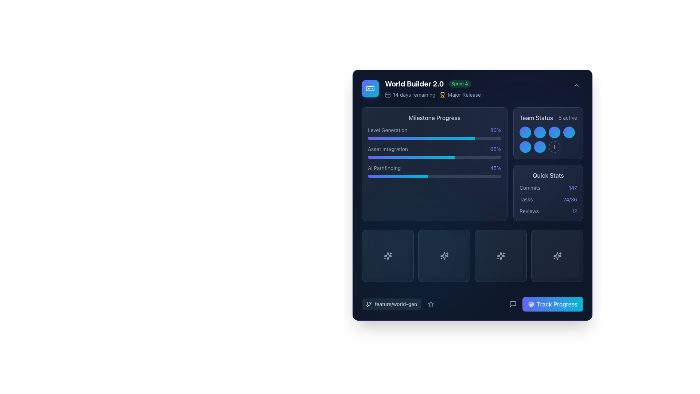 The width and height of the screenshot is (700, 394). I want to click on the informational label with icons located below the 'World Builder 2.0' header and above 'Sprint 4' to check the project timeline and release information, so click(433, 94).